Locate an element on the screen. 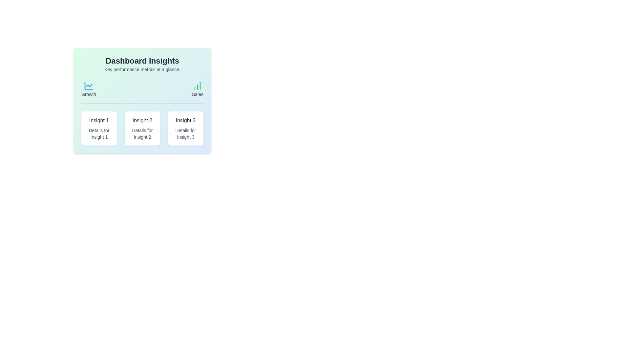 The width and height of the screenshot is (630, 354). the 'Dashboard Insights' text block, which features a bold title and a subtitle in a gradient background, centrally aligned at the top of the card component is located at coordinates (142, 64).